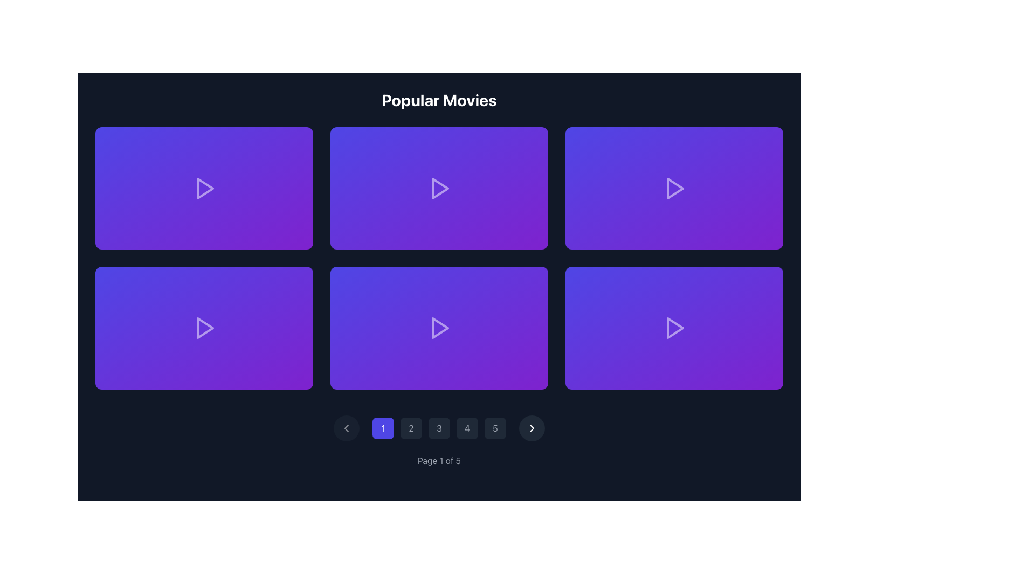 The height and width of the screenshot is (582, 1035). I want to click on the movie thumbnail card with a play icon located in the lower right corner of the 'Popular Movies' section to play the video, so click(674, 327).